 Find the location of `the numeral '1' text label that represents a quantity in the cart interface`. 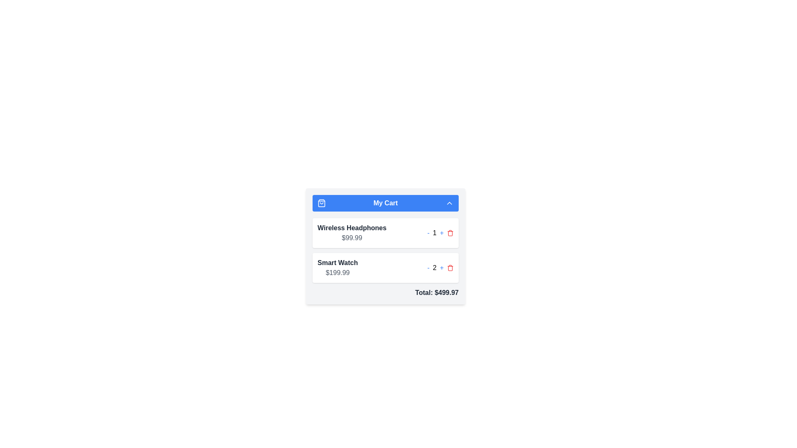

the numeral '1' text label that represents a quantity in the cart interface is located at coordinates (434, 233).